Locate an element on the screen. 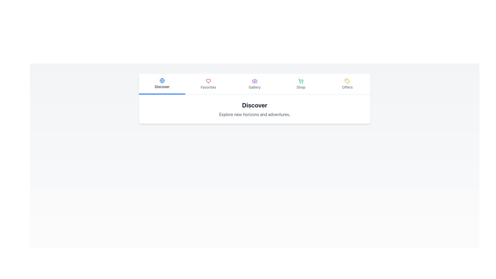  the navigation button for 'Gallery', which is centrally located among the navigation options at the top of the interface, specifically the third item from the left is located at coordinates (254, 84).